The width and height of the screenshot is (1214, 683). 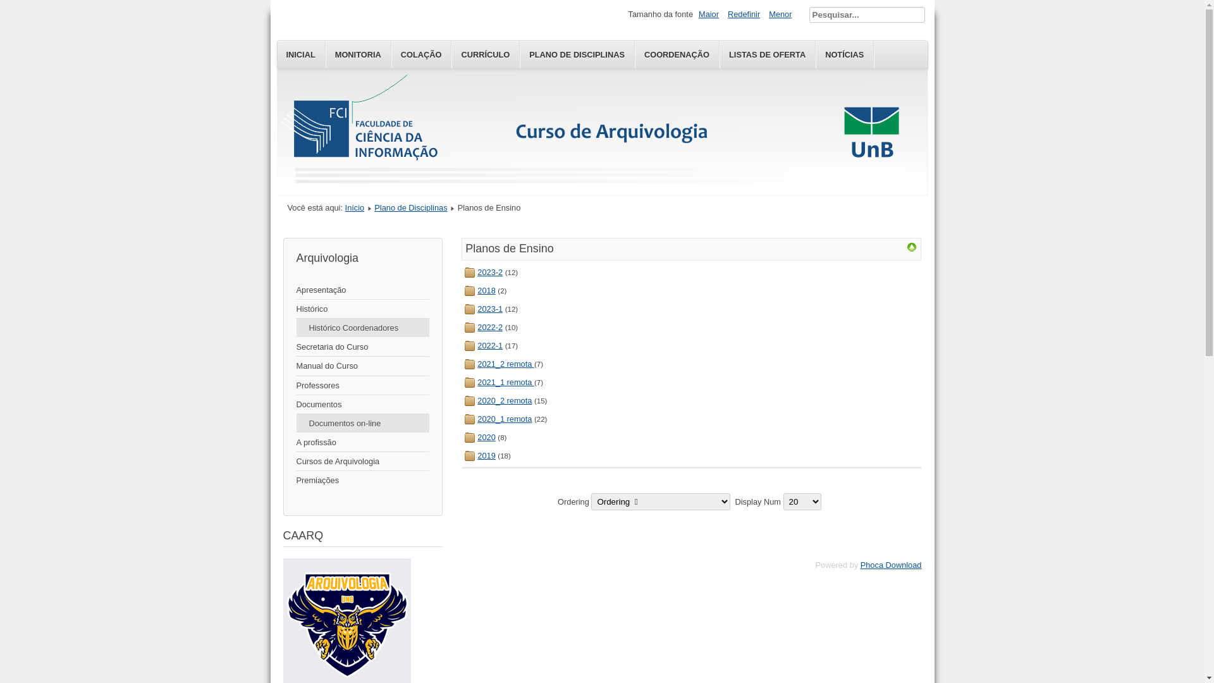 What do you see at coordinates (362, 405) in the screenshot?
I see `'Documentos'` at bounding box center [362, 405].